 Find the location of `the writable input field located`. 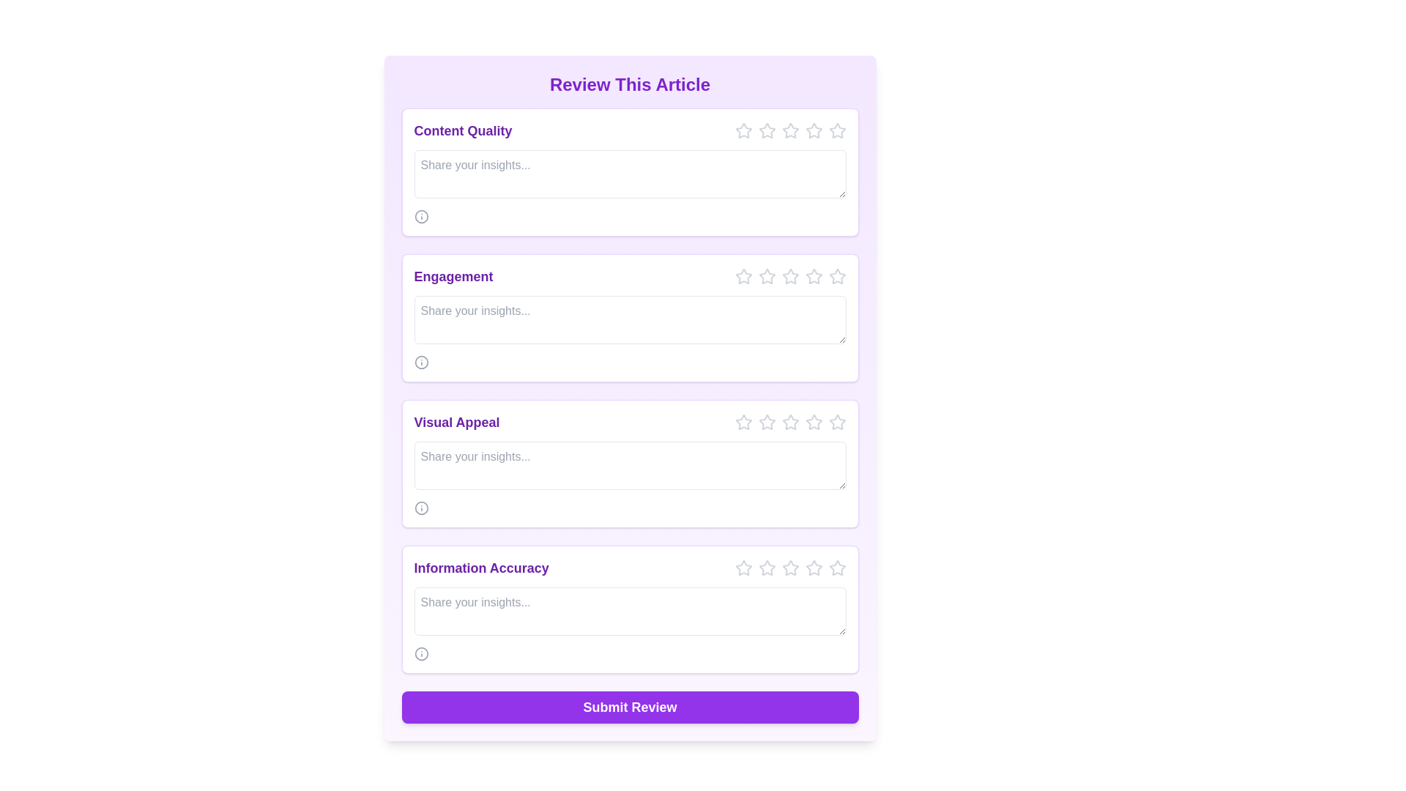

the writable input field located is located at coordinates (630, 611).